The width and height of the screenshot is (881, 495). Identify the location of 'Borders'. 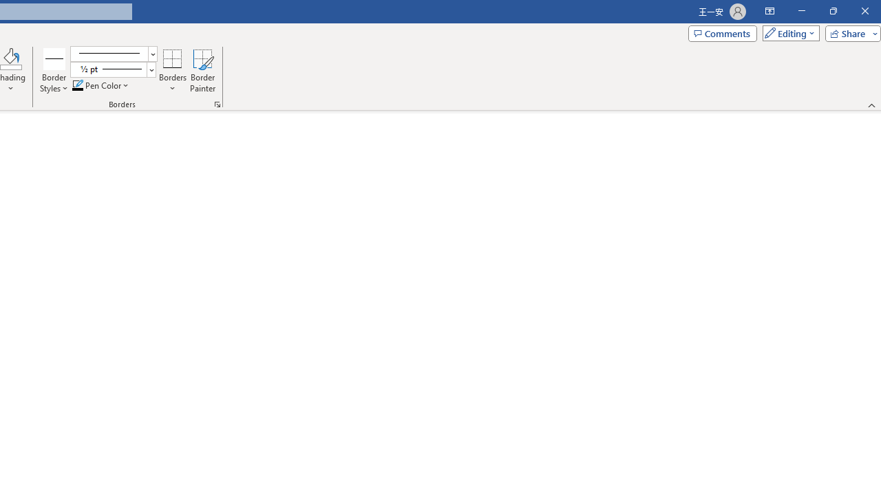
(172, 71).